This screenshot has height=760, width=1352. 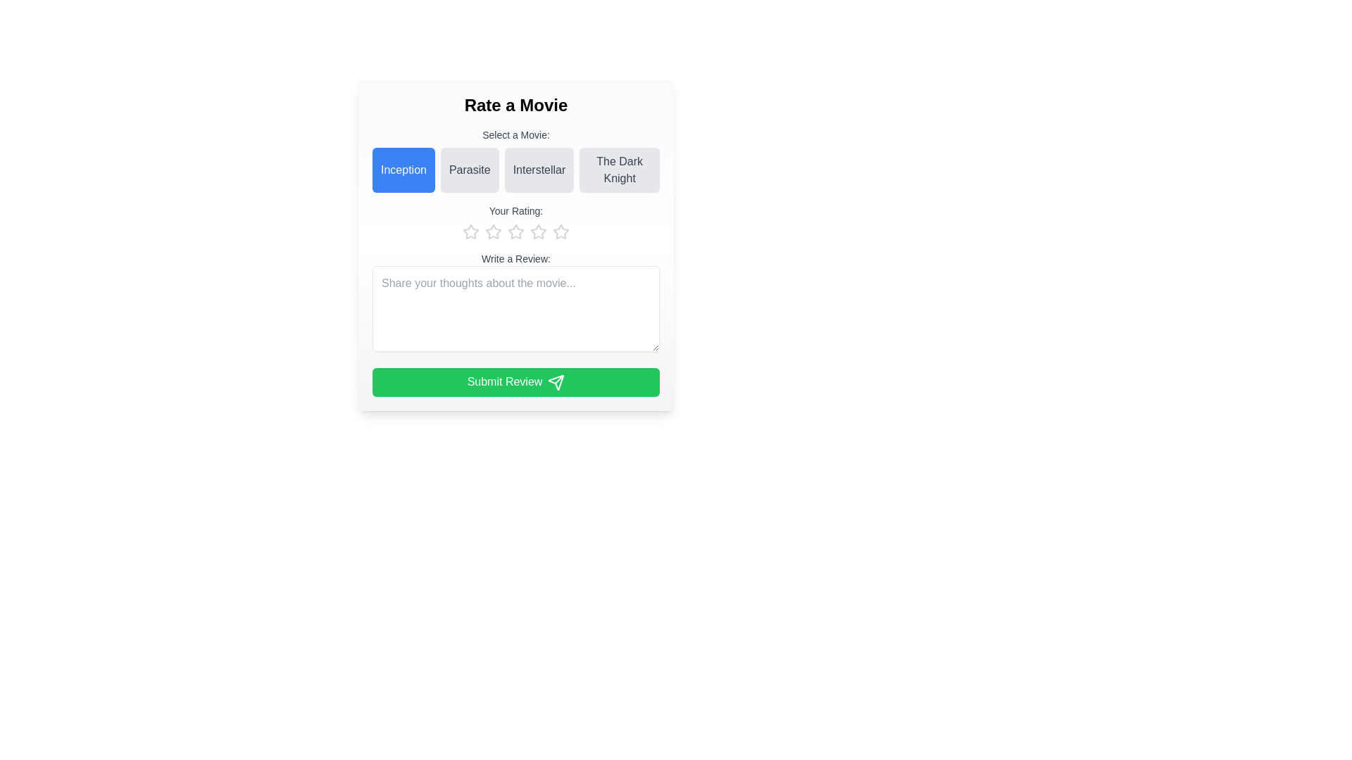 What do you see at coordinates (515, 222) in the screenshot?
I see `an individual star in the rating control section labeled 'Your Rating:' to provide a rating` at bounding box center [515, 222].